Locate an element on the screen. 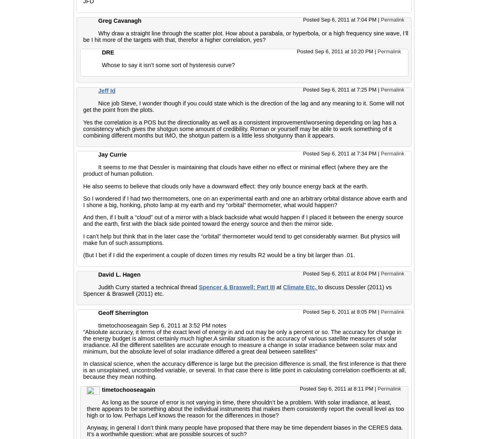 This screenshot has width=493, height=439. 'timetochooseagain' is located at coordinates (128, 389).